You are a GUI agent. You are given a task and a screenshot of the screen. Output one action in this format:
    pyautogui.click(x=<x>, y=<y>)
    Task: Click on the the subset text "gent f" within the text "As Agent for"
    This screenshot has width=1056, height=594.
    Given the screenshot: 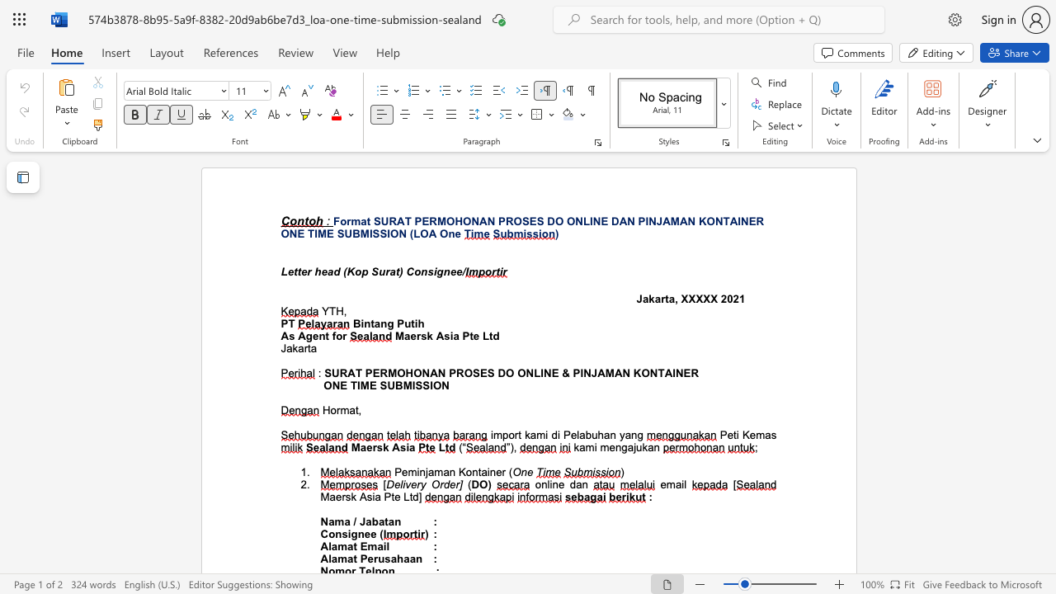 What is the action you would take?
    pyautogui.click(x=305, y=335)
    